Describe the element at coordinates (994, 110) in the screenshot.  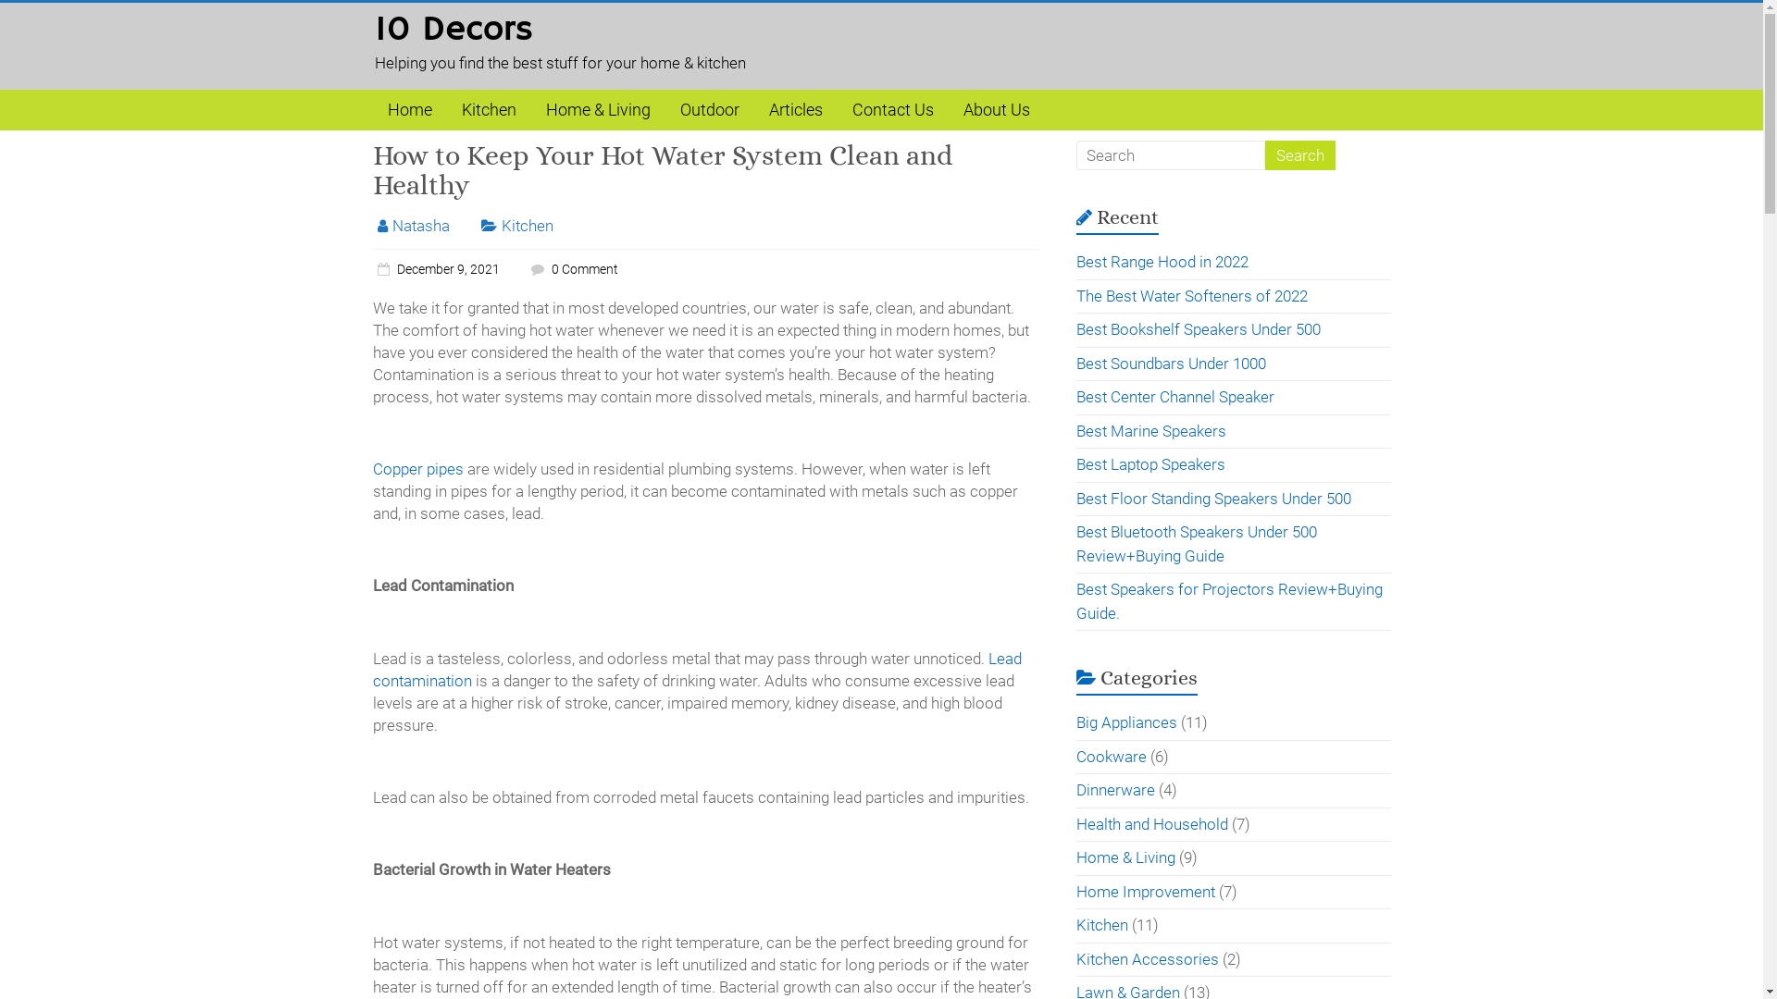
I see `'About Us'` at that location.